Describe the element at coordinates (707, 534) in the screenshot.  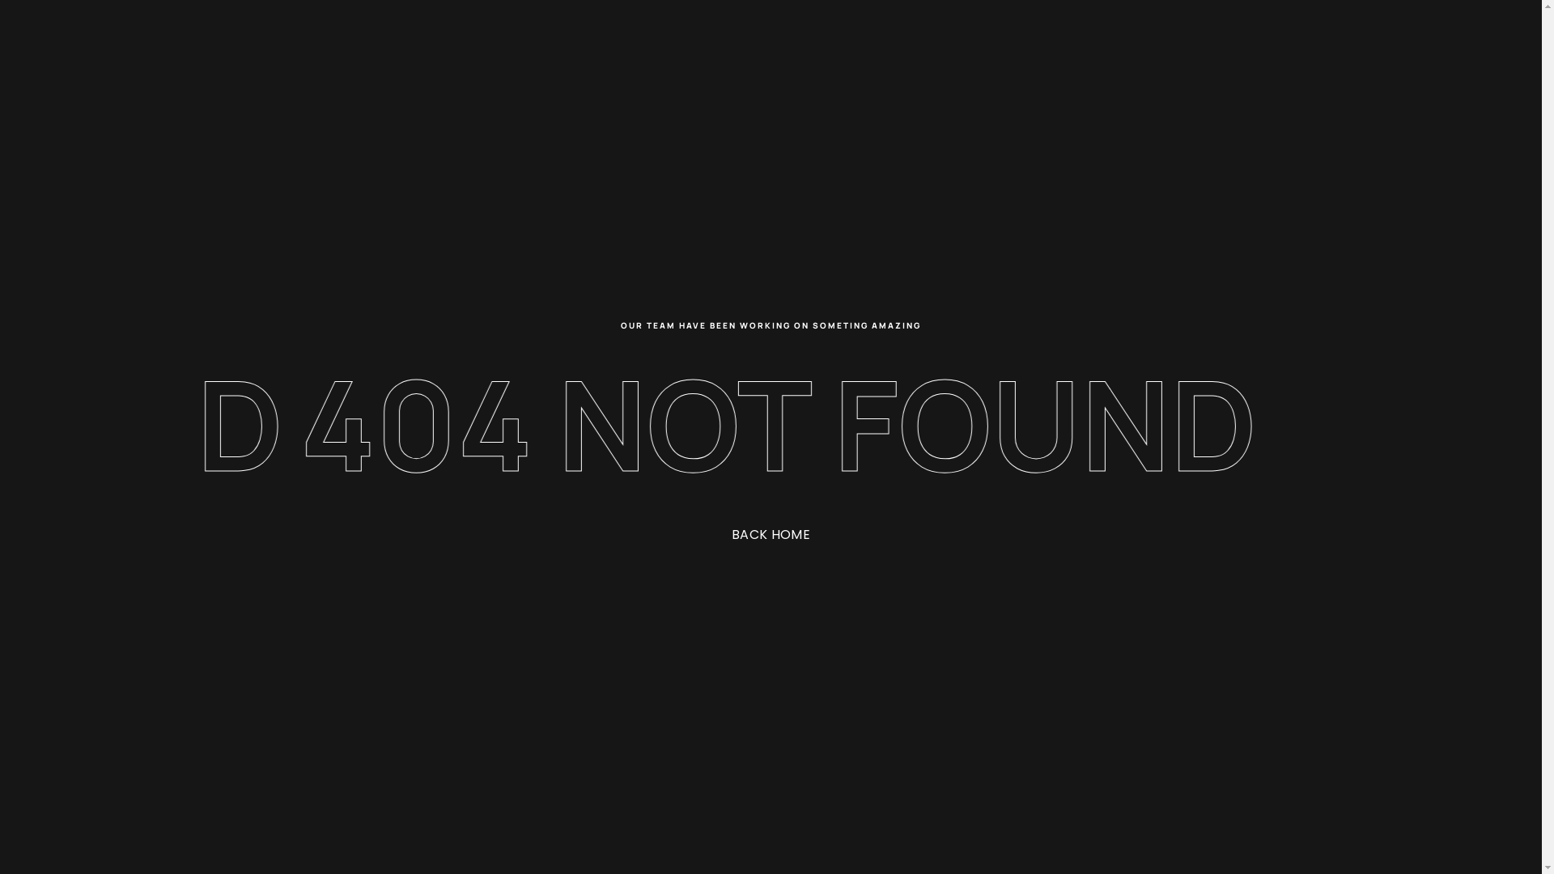
I see `'BACK HOME'` at that location.